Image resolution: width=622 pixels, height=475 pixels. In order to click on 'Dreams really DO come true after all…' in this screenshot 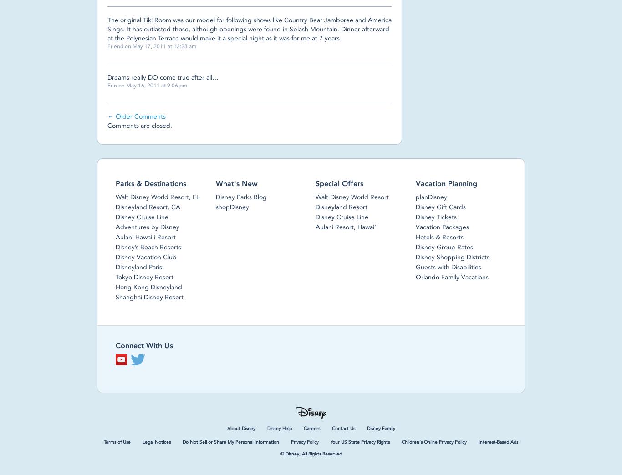, I will do `click(163, 77)`.